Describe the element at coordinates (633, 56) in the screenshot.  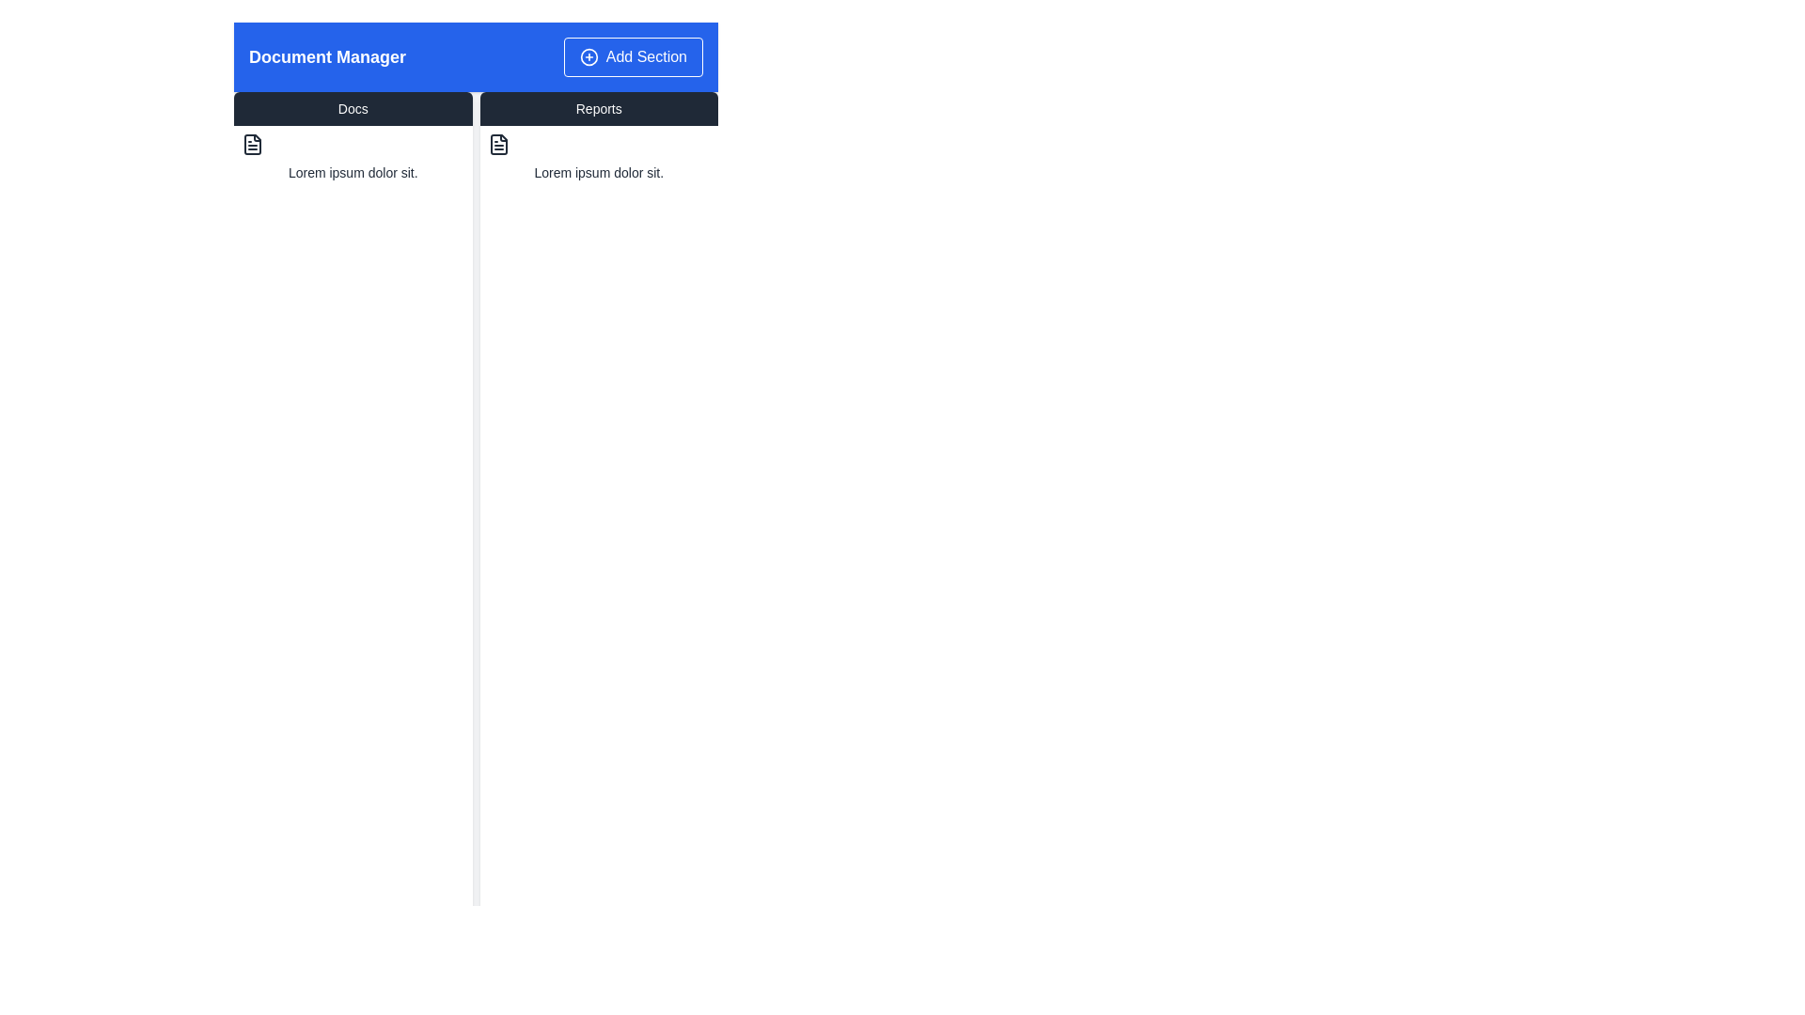
I see `the 'Add Section' button located in the top-right corner of the header bar` at that location.